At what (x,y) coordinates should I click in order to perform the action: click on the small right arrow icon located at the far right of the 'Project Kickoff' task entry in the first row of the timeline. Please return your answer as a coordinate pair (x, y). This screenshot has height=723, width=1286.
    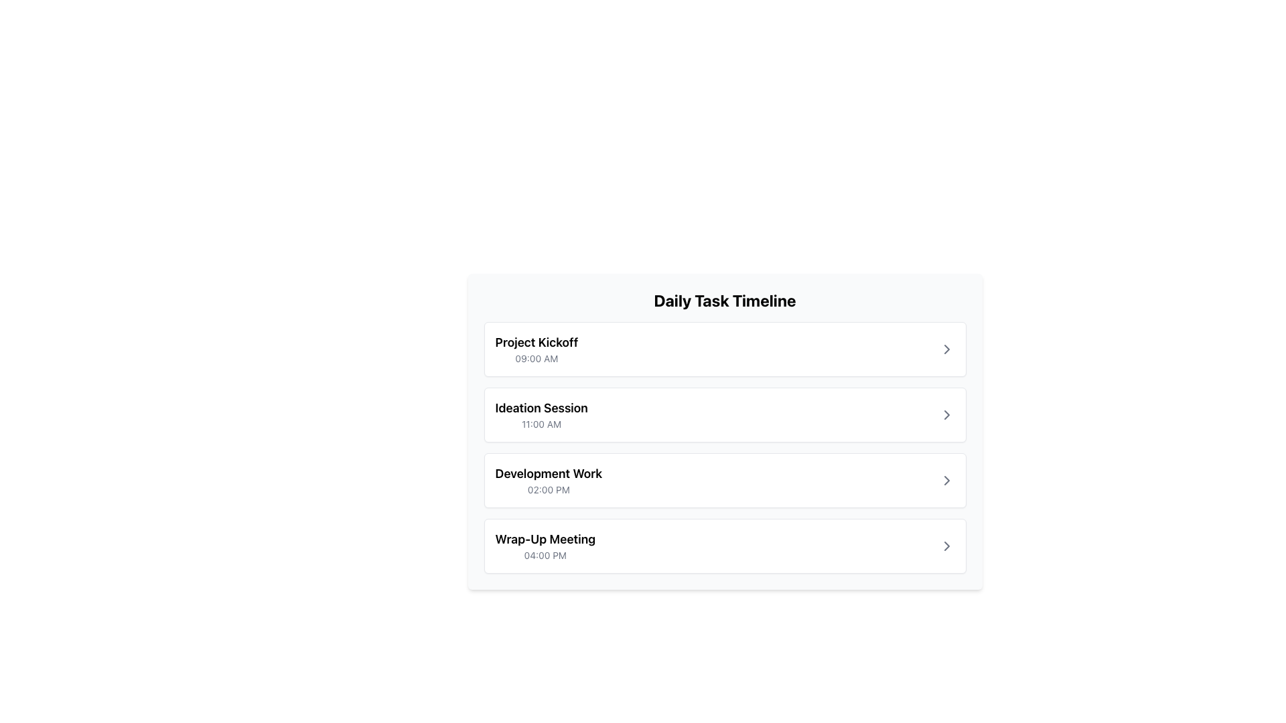
    Looking at the image, I should click on (946, 348).